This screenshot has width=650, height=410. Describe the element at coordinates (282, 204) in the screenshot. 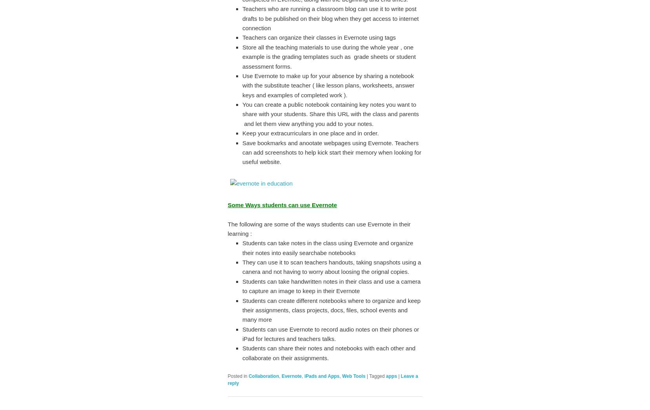

I see `'Some Ways students can use Evernote'` at that location.